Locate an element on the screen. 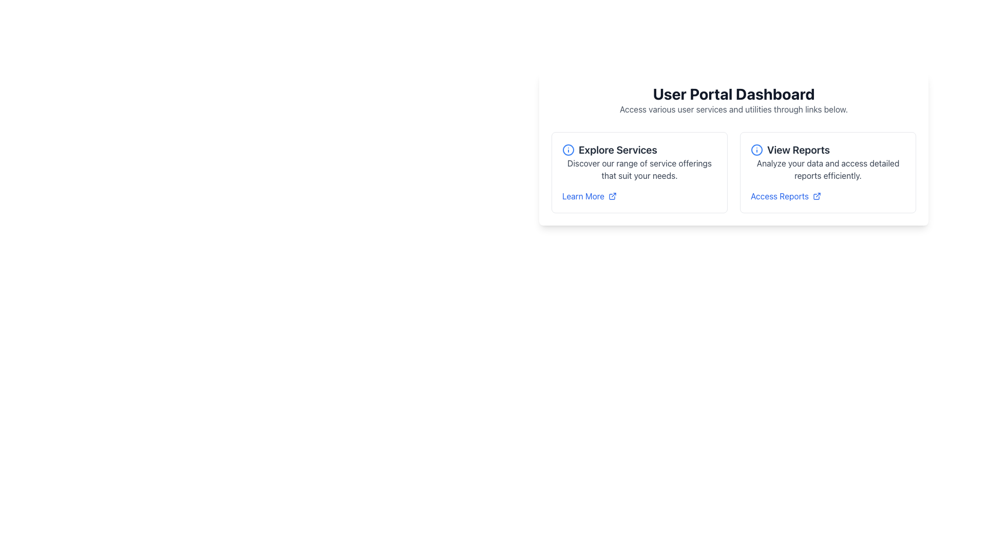  the 'View Reports' text element with a blue circular icon containing an 'i', located at the top of the right card in a two-card layout is located at coordinates (828, 150).